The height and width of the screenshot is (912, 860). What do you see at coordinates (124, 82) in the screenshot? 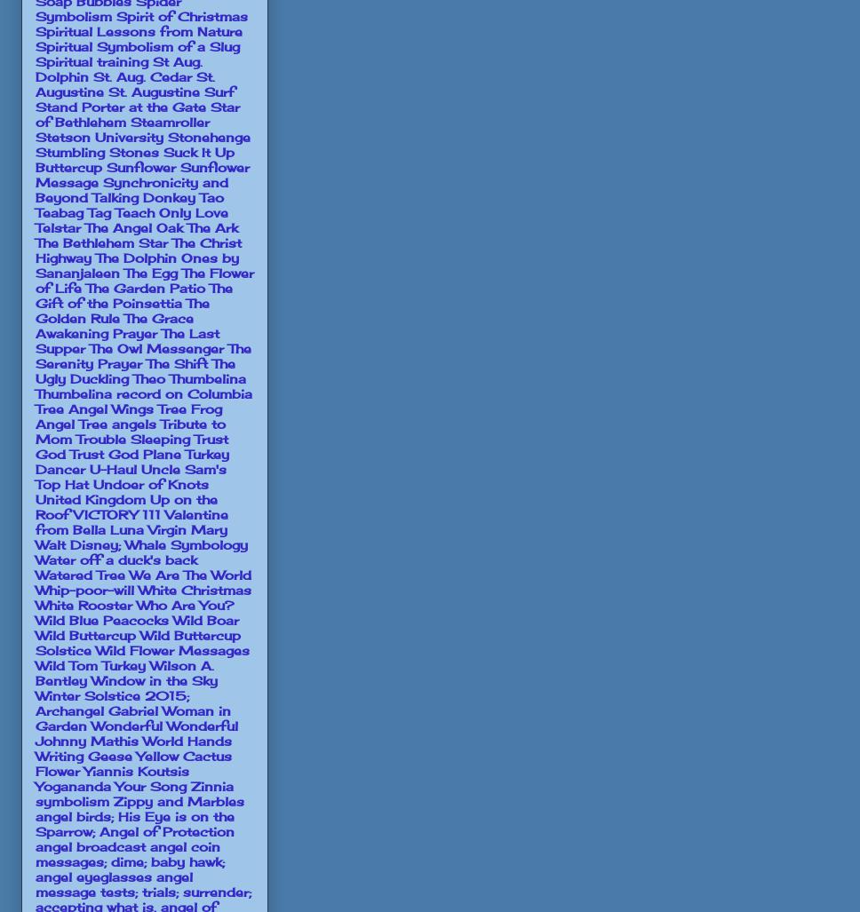
I see `'St. Augustine'` at bounding box center [124, 82].